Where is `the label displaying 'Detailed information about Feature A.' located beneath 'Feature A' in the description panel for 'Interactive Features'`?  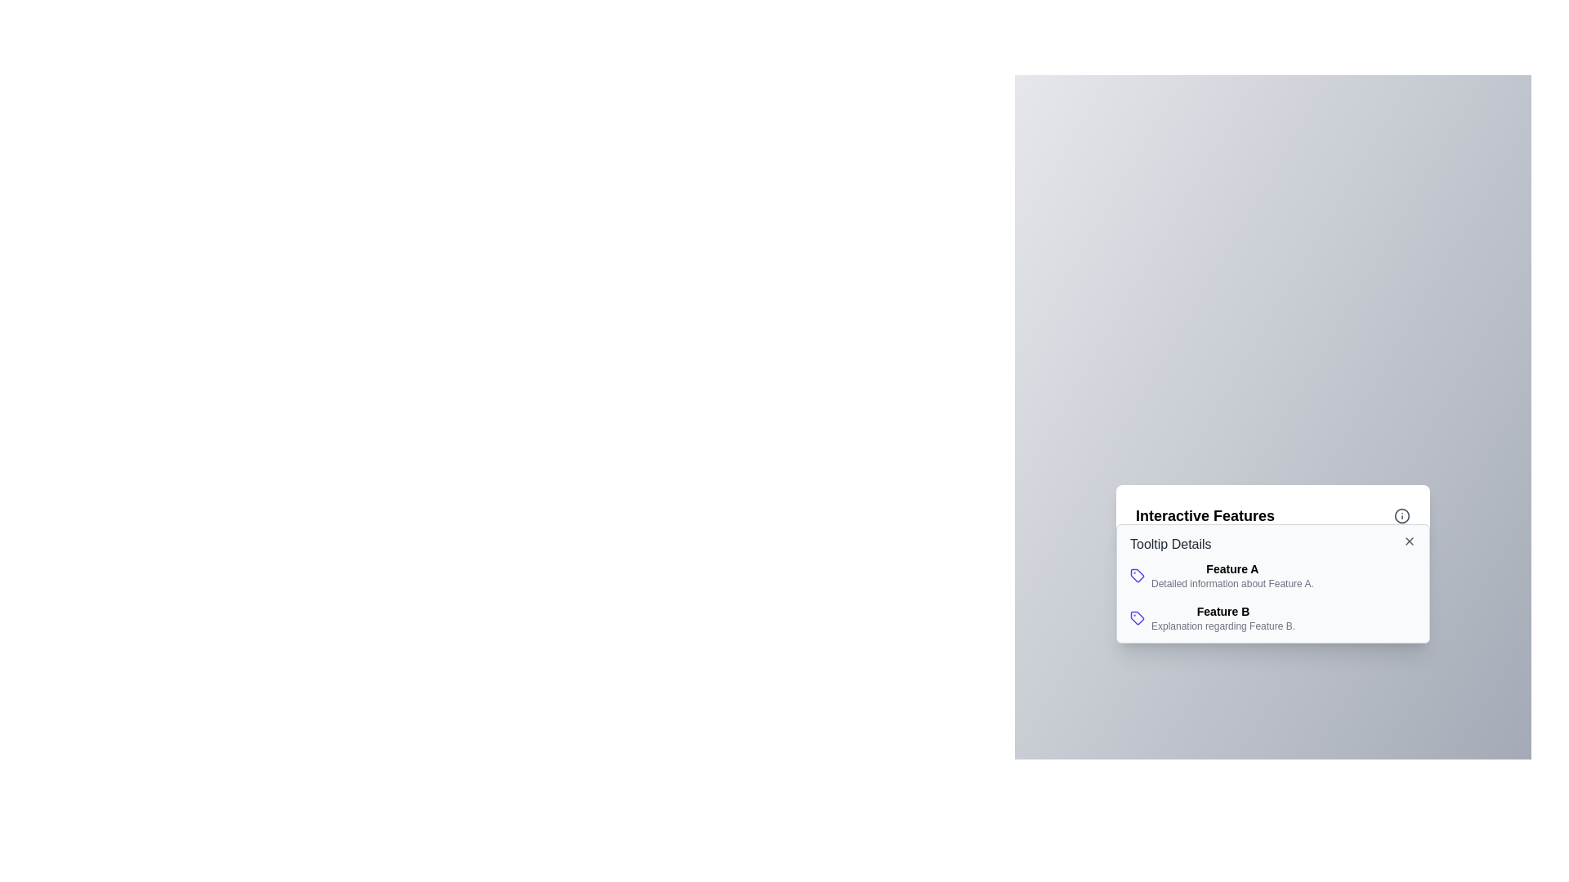
the label displaying 'Detailed information about Feature A.' located beneath 'Feature A' in the description panel for 'Interactive Features' is located at coordinates (1232, 582).